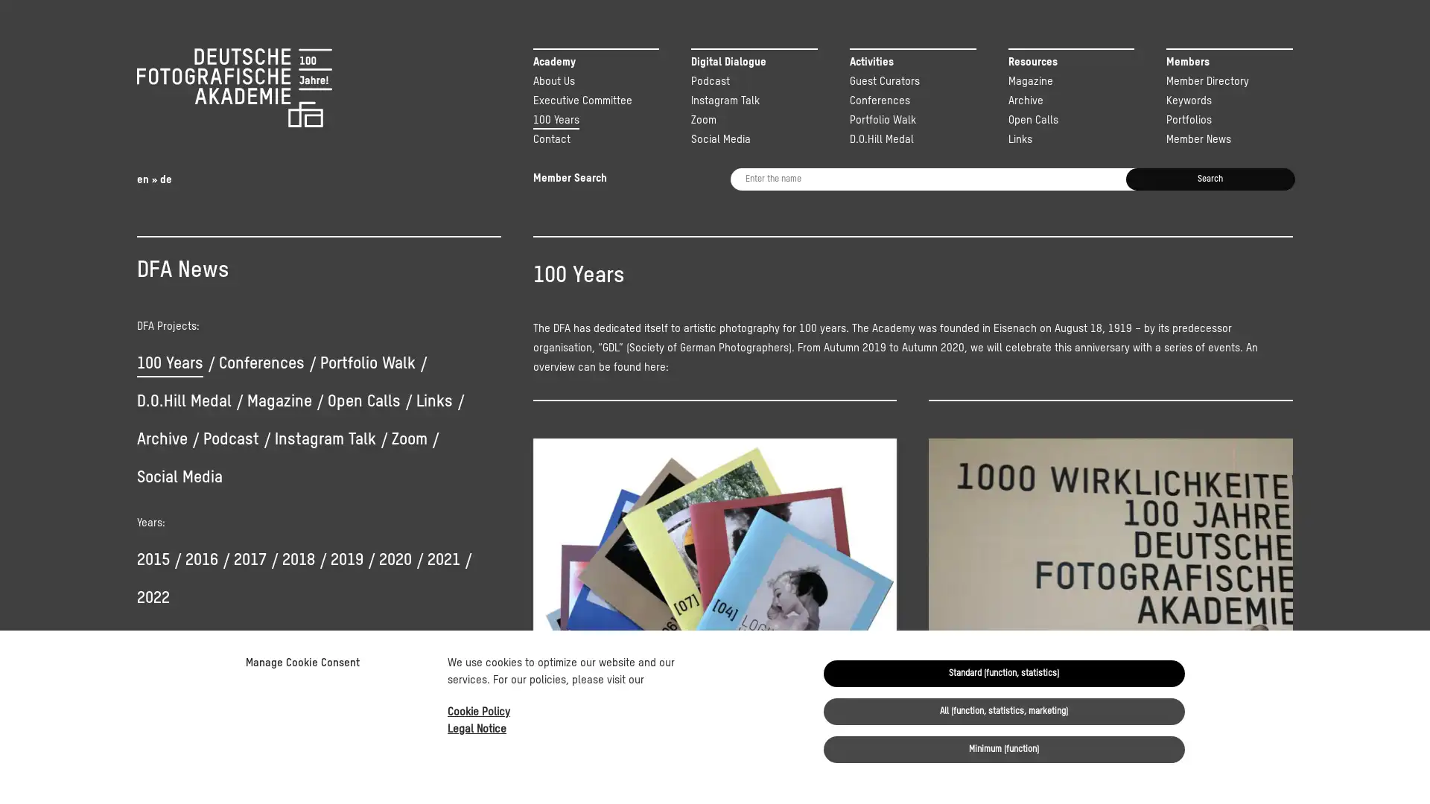  What do you see at coordinates (364, 402) in the screenshot?
I see `Open Calls` at bounding box center [364, 402].